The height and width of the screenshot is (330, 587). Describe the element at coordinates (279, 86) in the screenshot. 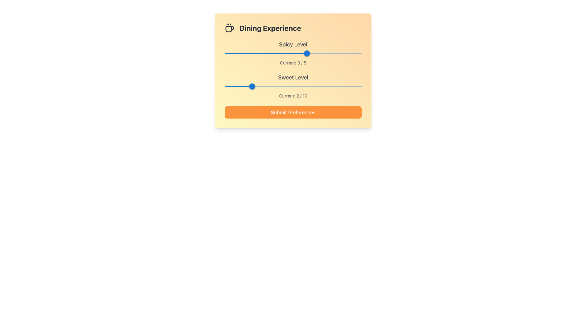

I see `the sweet level` at that location.